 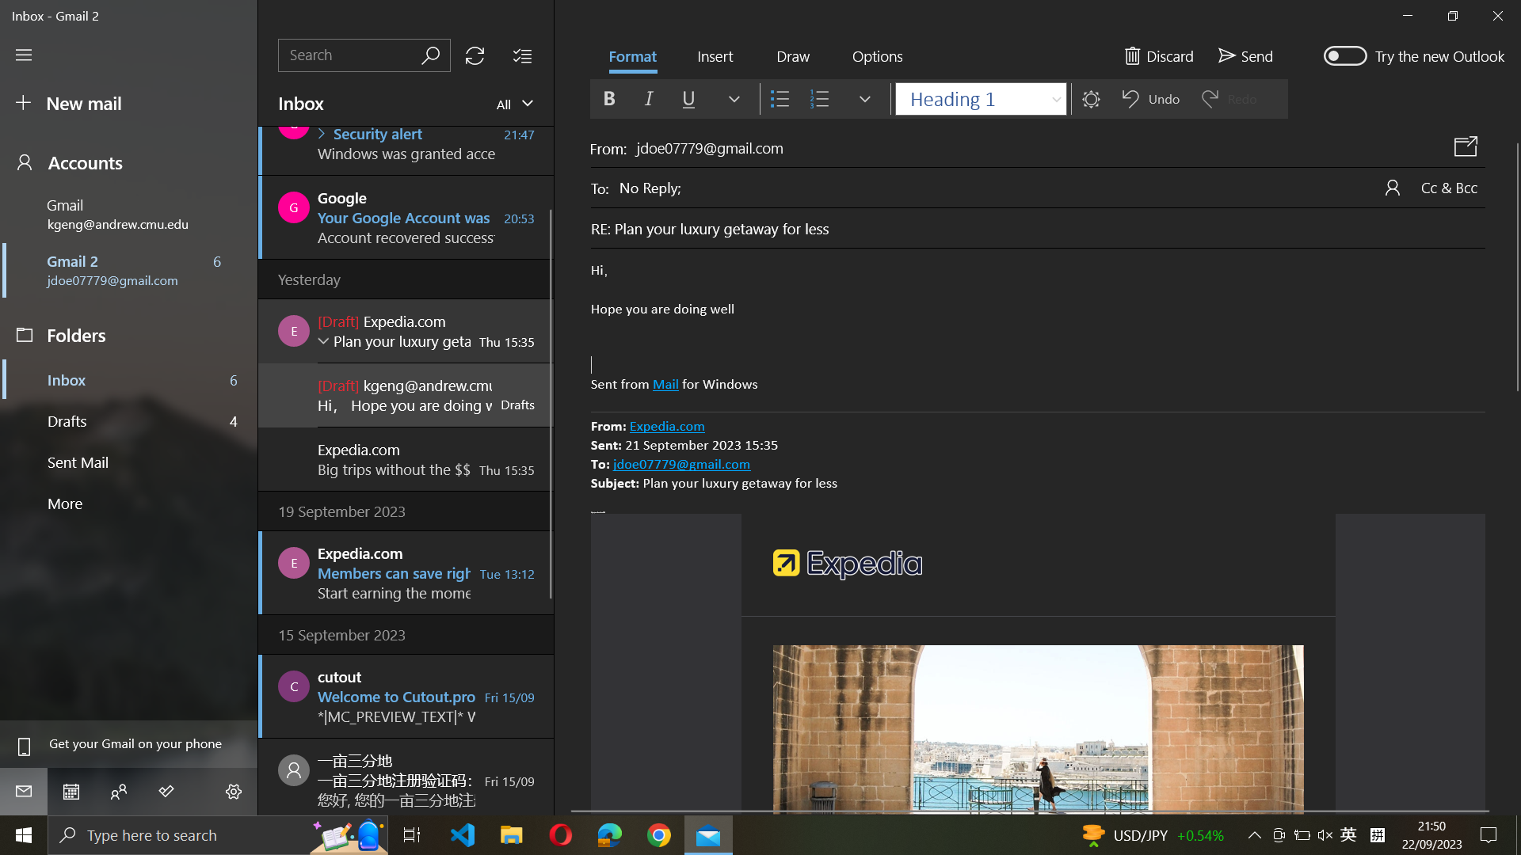 I want to click on Change the recipient of the email to "john@example.com, so click(x=1052, y=185).